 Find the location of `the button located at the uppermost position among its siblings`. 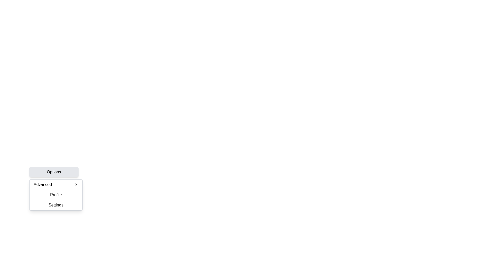

the button located at the uppermost position among its siblings is located at coordinates (54, 172).